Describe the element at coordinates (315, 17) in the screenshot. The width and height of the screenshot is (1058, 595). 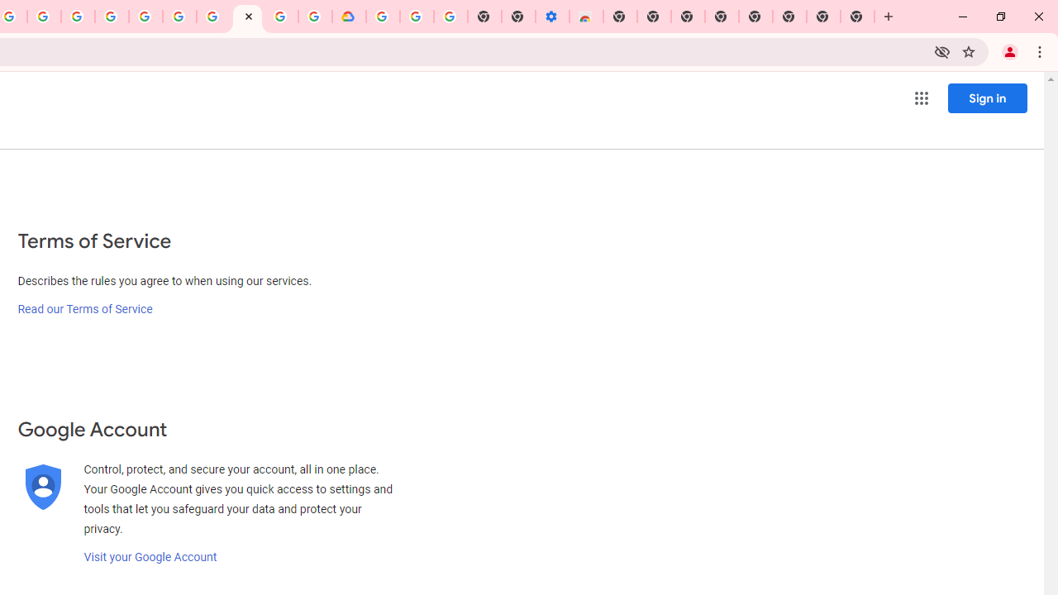
I see `'Browse the Google Chrome Community - Google Chrome Community'` at that location.